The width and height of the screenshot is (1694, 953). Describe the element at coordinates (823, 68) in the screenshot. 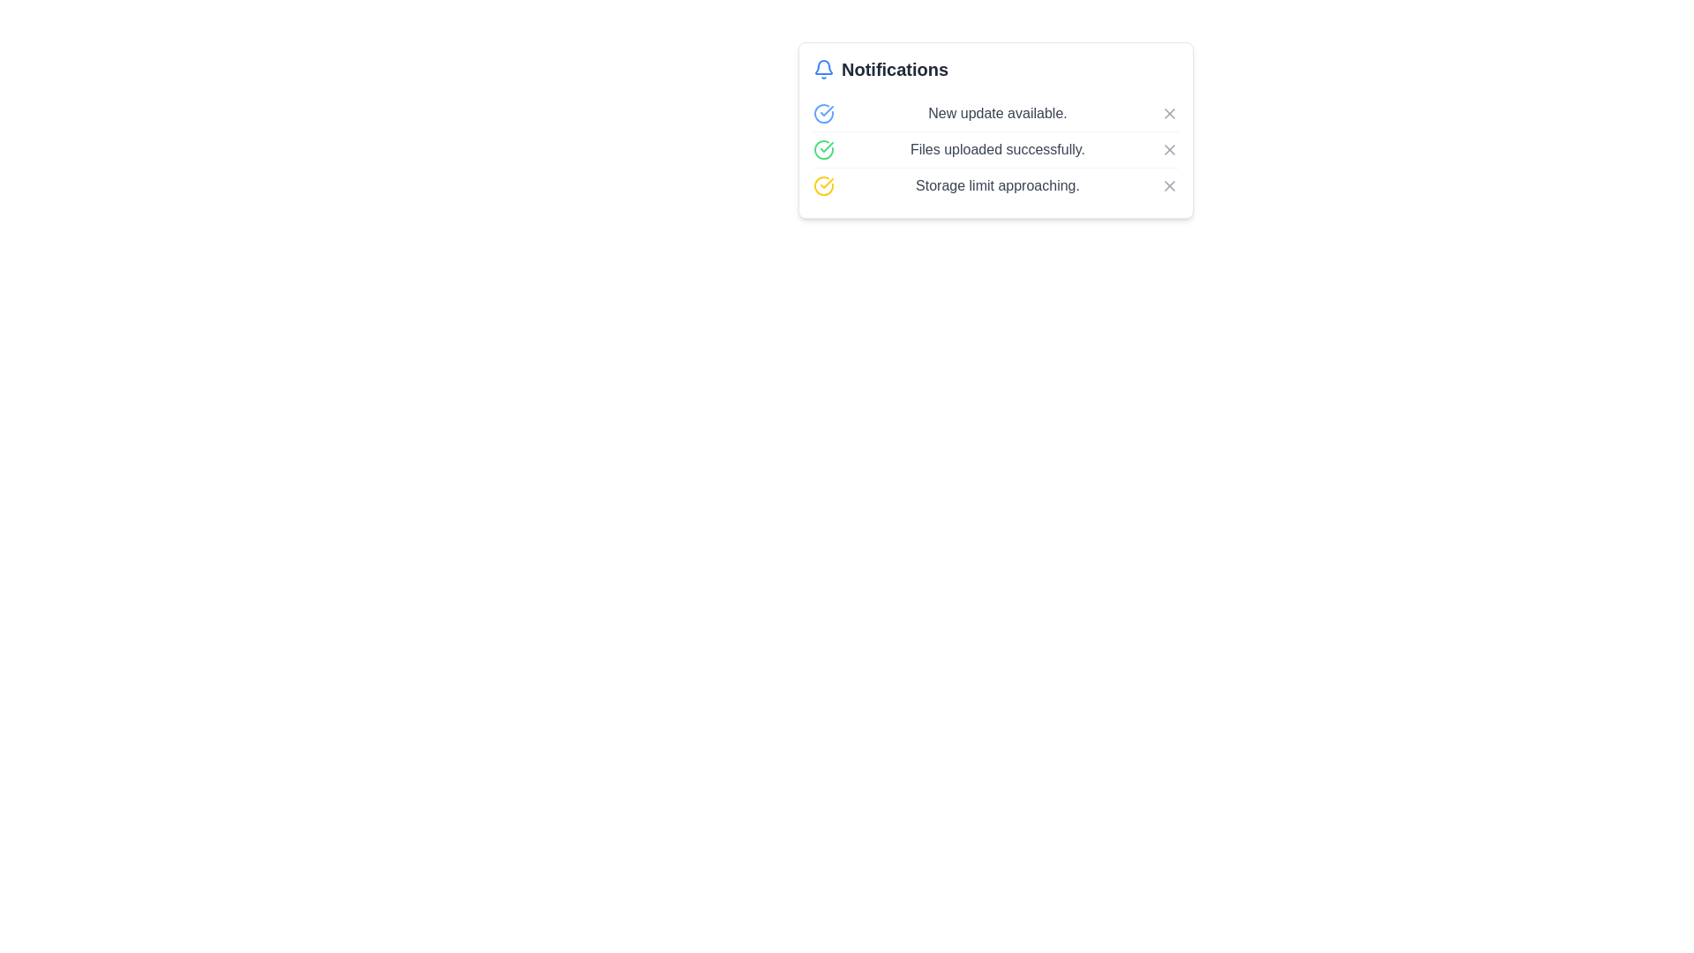

I see `the blue bell-shaped icon located to the left of the 'Notifications' text in the notification panel` at that location.